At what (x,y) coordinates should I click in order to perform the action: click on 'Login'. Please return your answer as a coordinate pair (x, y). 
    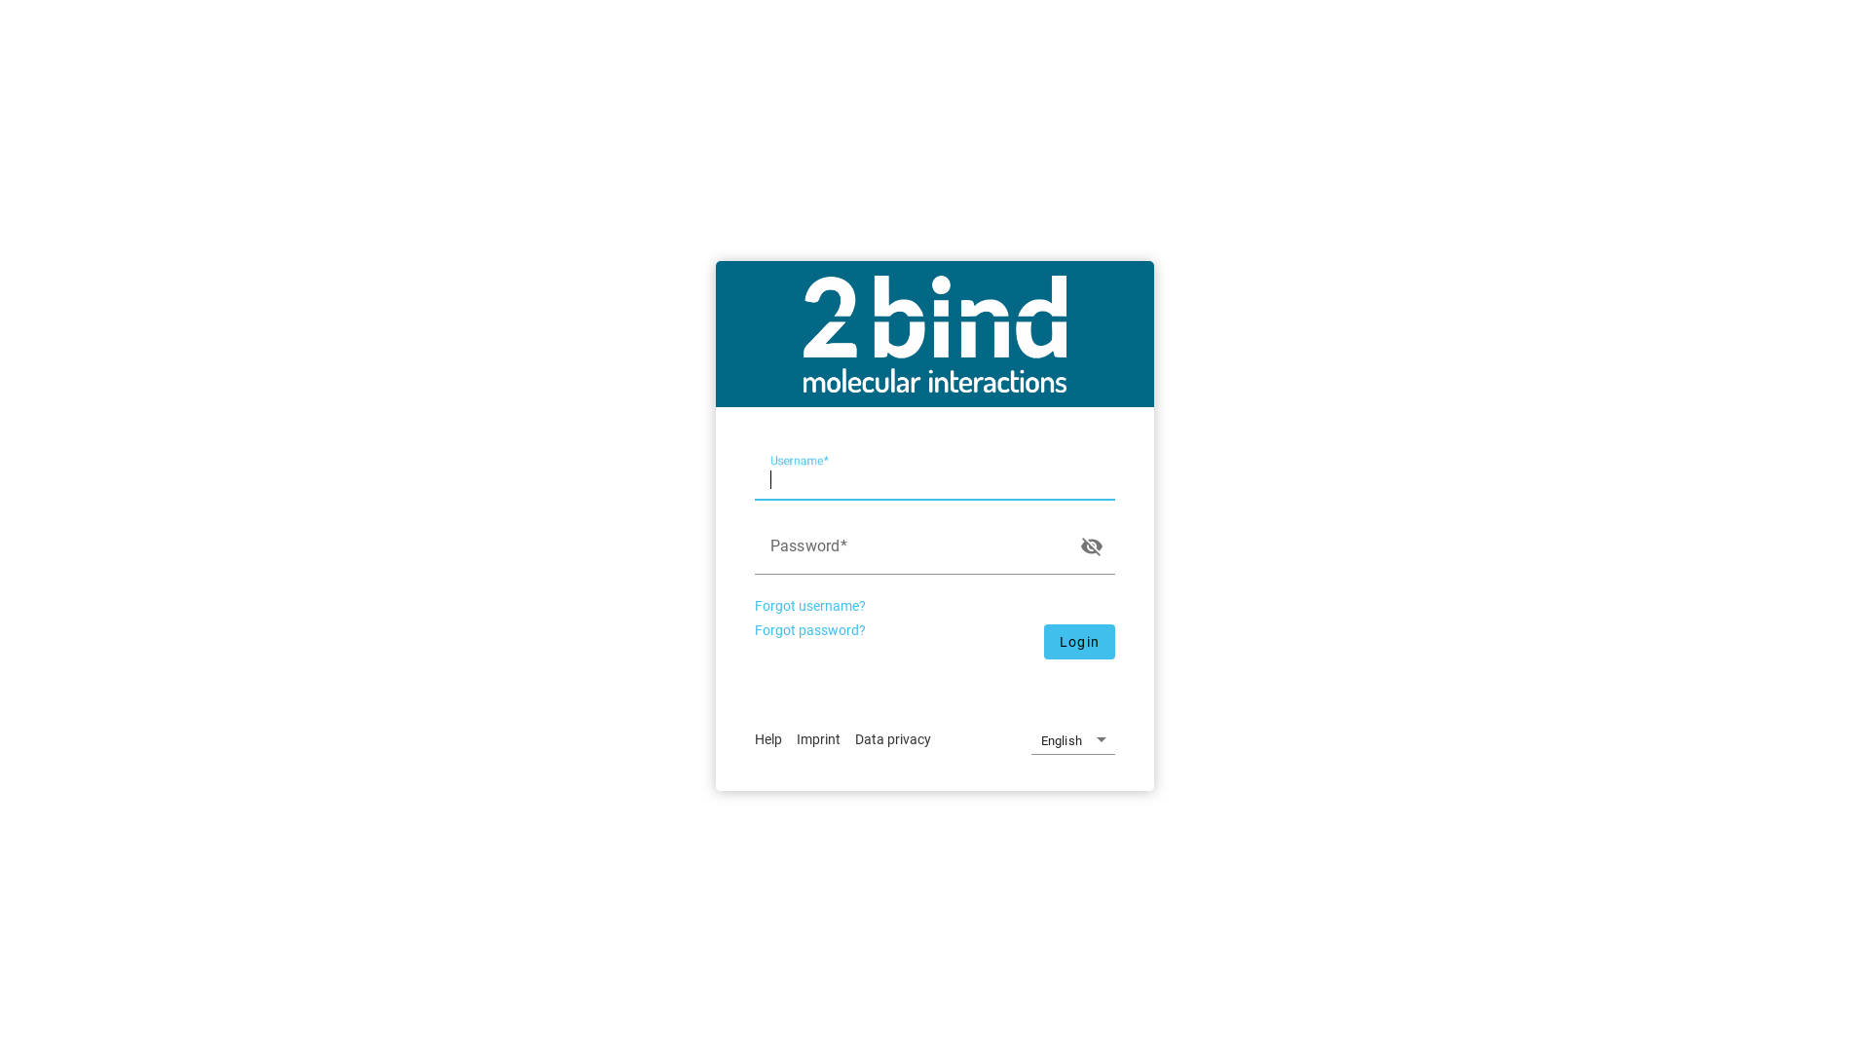
    Looking at the image, I should click on (1078, 642).